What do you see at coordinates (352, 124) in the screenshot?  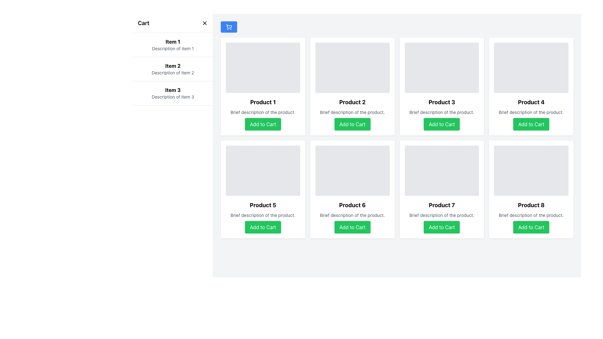 I see `the button located at the bottom of the 'Product 2' card in the top row, second column of the 4x2 grid layout` at bounding box center [352, 124].